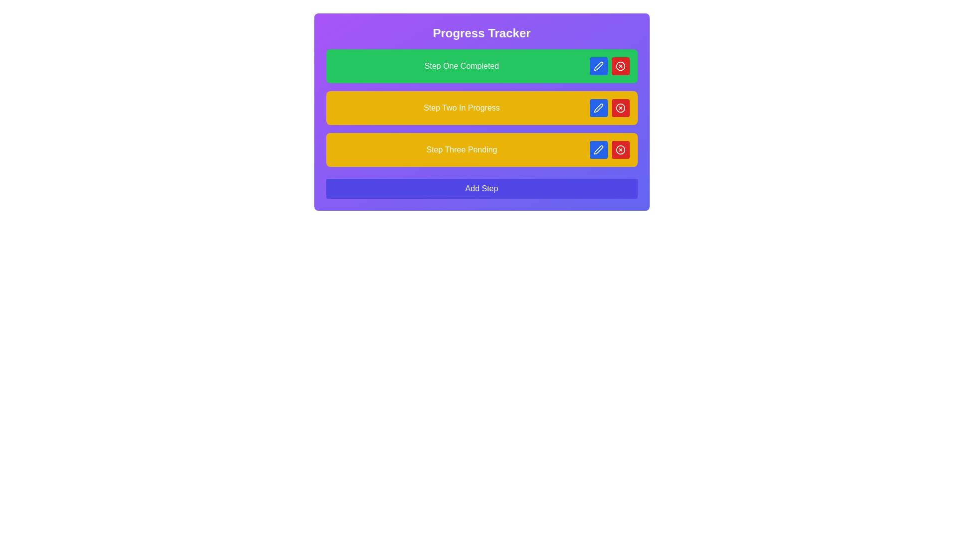 The width and height of the screenshot is (958, 538). What do you see at coordinates (481, 32) in the screenshot?
I see `the 'Progress Tracker' text heading, which is styled with a purple background and white text, located at the top of the interface` at bounding box center [481, 32].